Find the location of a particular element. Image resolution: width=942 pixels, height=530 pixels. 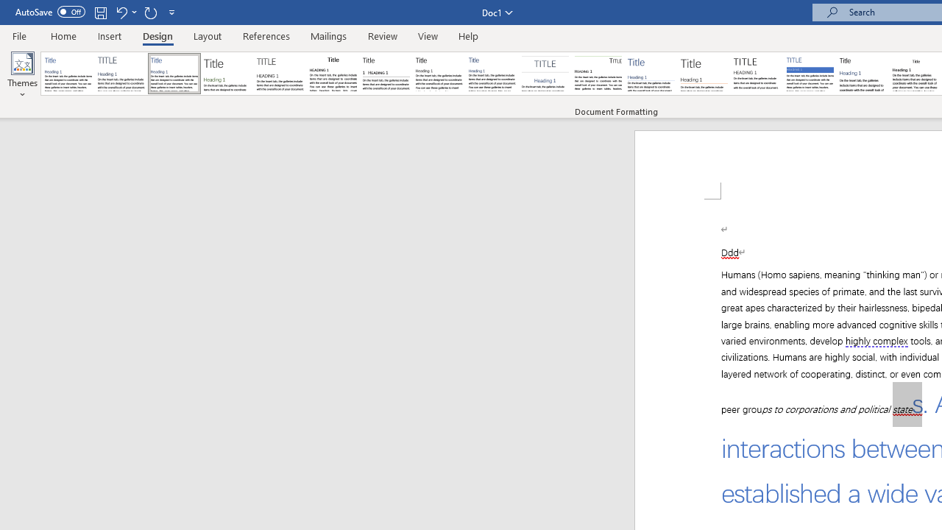

'Word' is located at coordinates (863, 74).